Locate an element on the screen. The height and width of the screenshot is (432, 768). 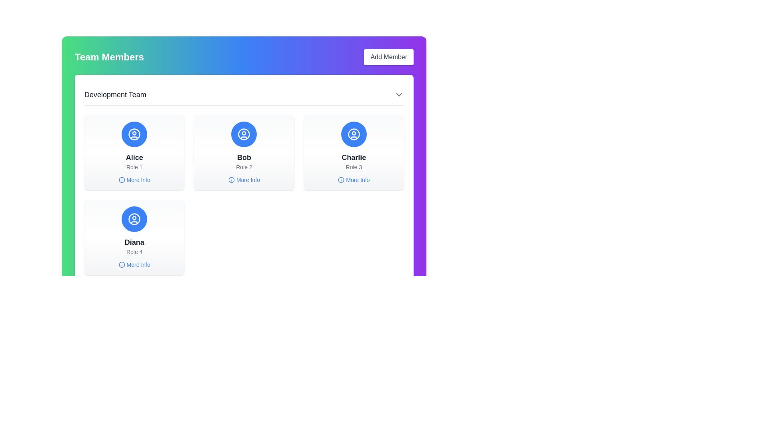
text label displaying 'Alice' in bold, dark gray font, located within the first card of the 'Development Team' section is located at coordinates (134, 157).